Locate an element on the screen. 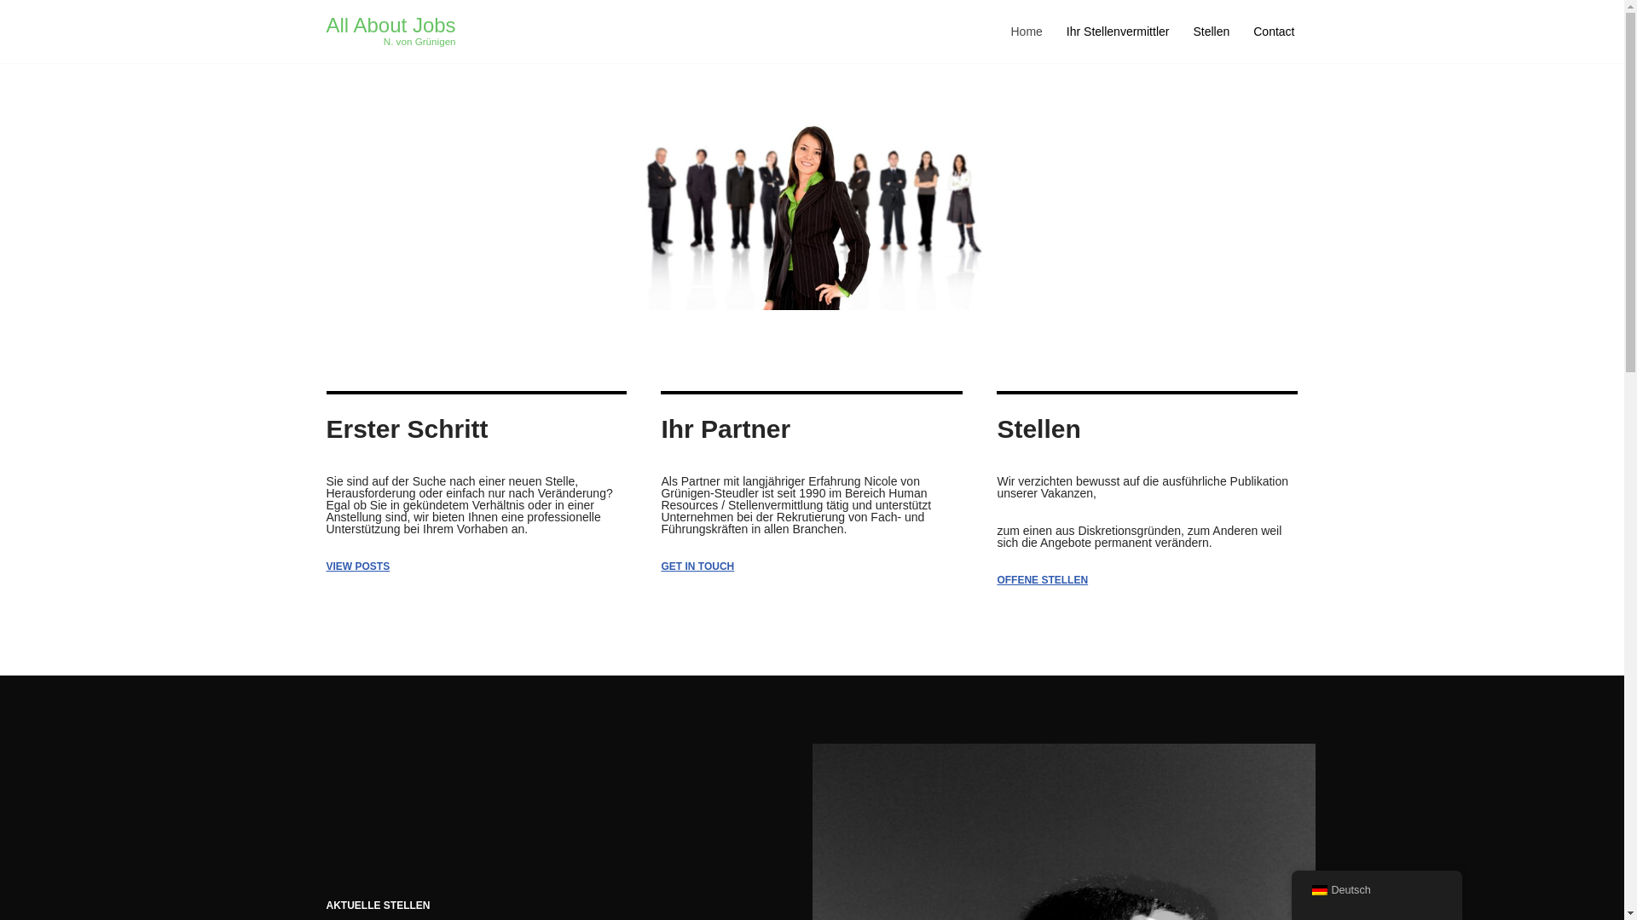  'Ihr Stellenvermittler' is located at coordinates (1118, 31).